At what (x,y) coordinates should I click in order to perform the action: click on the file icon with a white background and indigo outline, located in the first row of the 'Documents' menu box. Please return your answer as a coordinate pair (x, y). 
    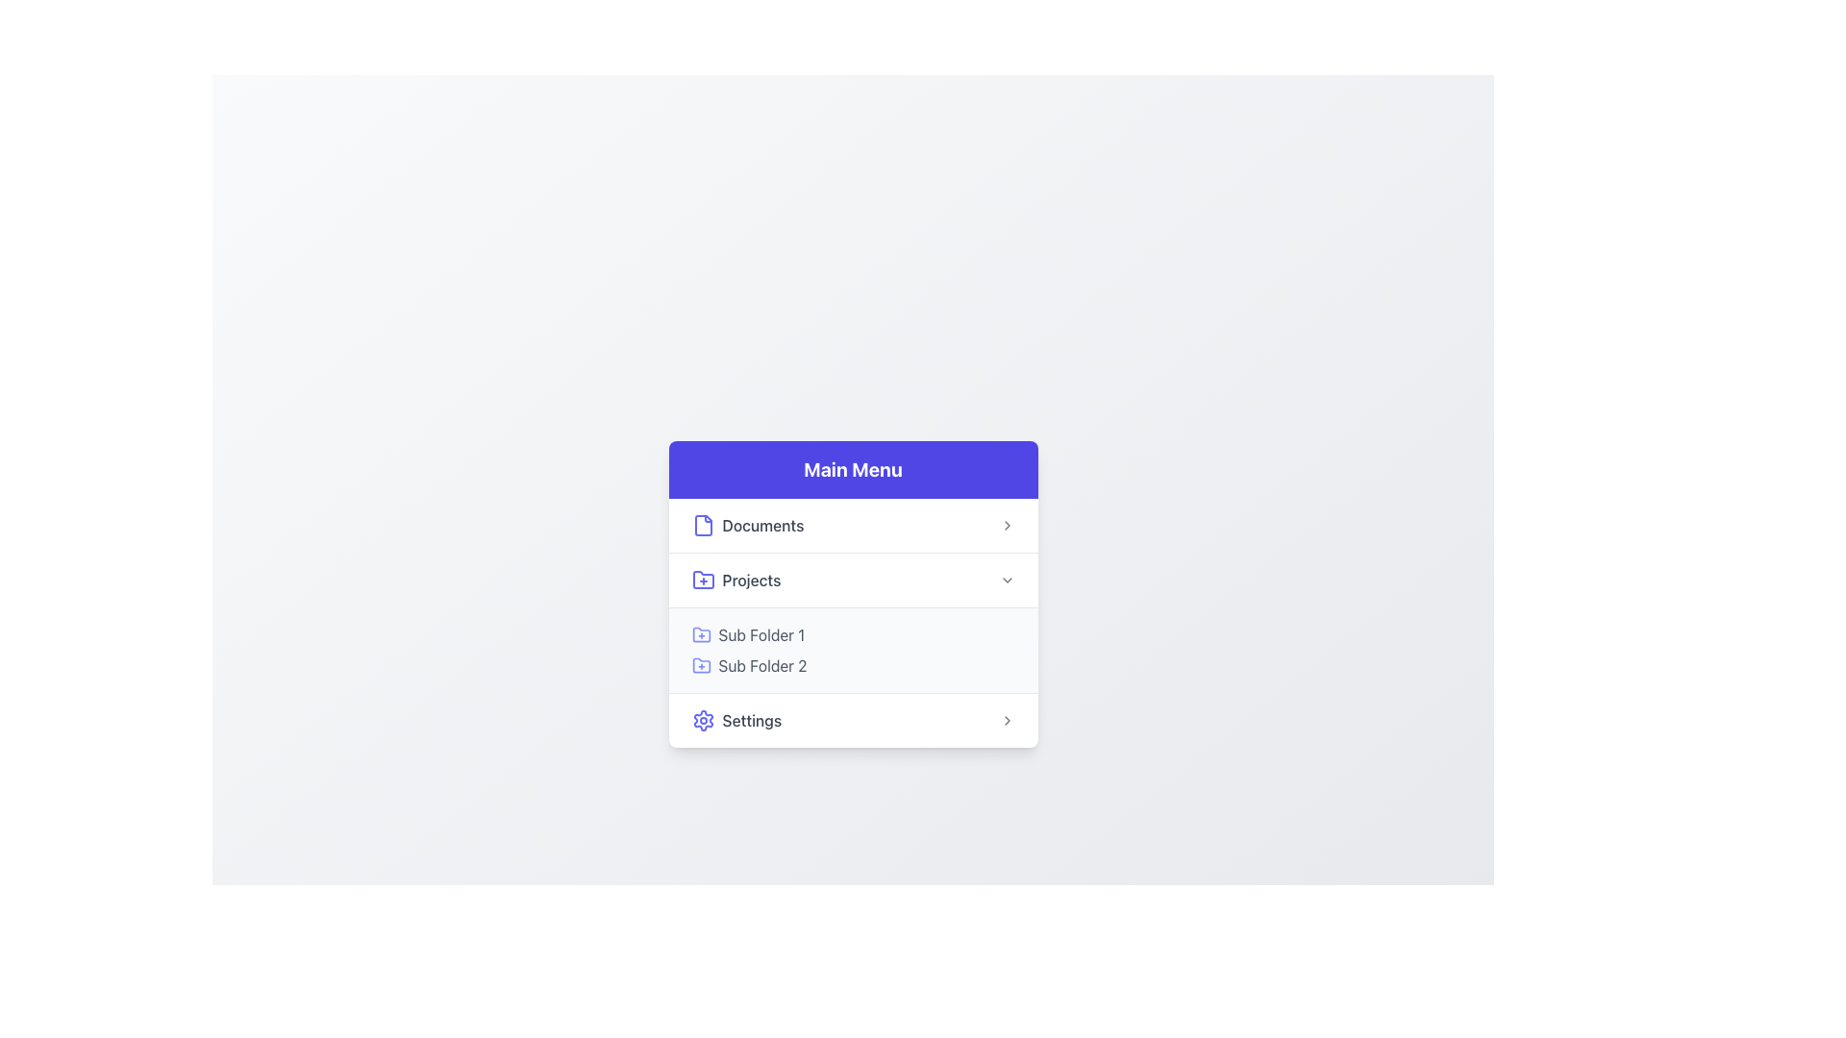
    Looking at the image, I should click on (702, 525).